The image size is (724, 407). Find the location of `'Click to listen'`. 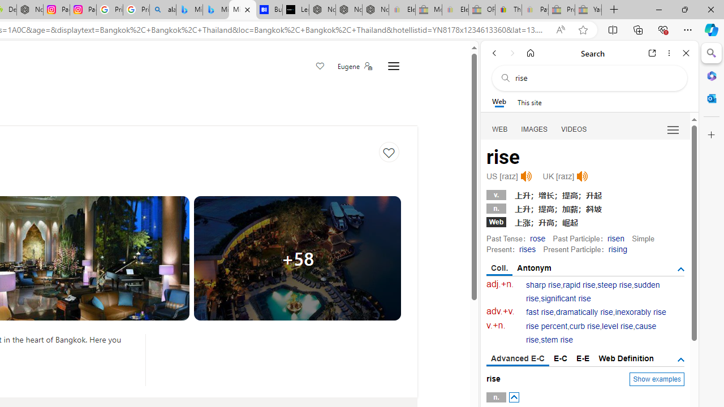

'Click to listen' is located at coordinates (582, 176).